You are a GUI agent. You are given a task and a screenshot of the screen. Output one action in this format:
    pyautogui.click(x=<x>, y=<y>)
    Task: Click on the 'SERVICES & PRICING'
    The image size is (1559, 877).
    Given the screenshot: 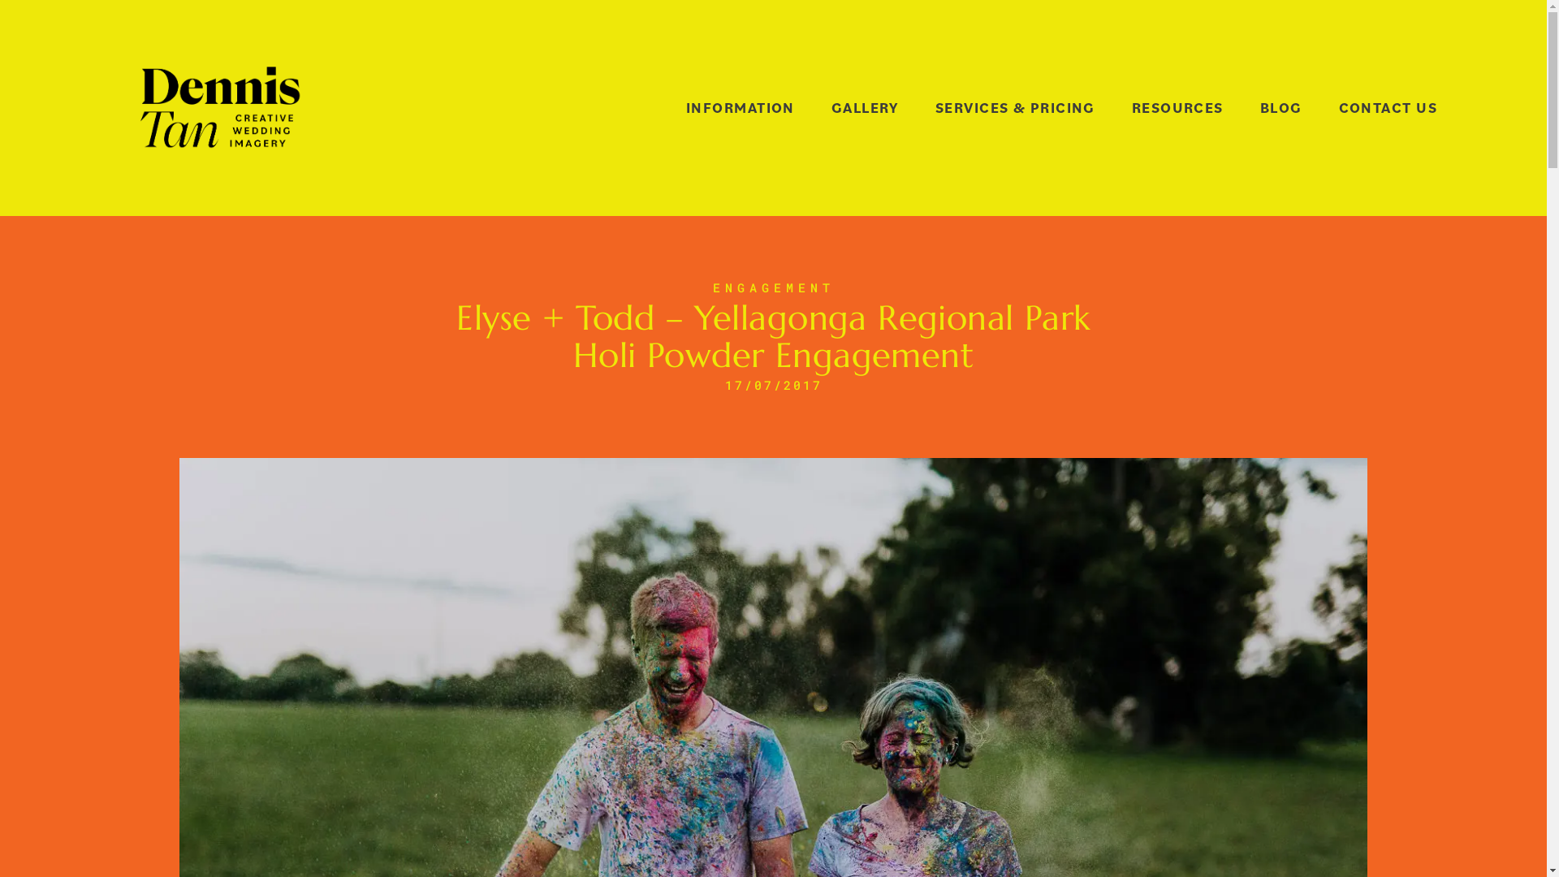 What is the action you would take?
    pyautogui.click(x=1014, y=108)
    